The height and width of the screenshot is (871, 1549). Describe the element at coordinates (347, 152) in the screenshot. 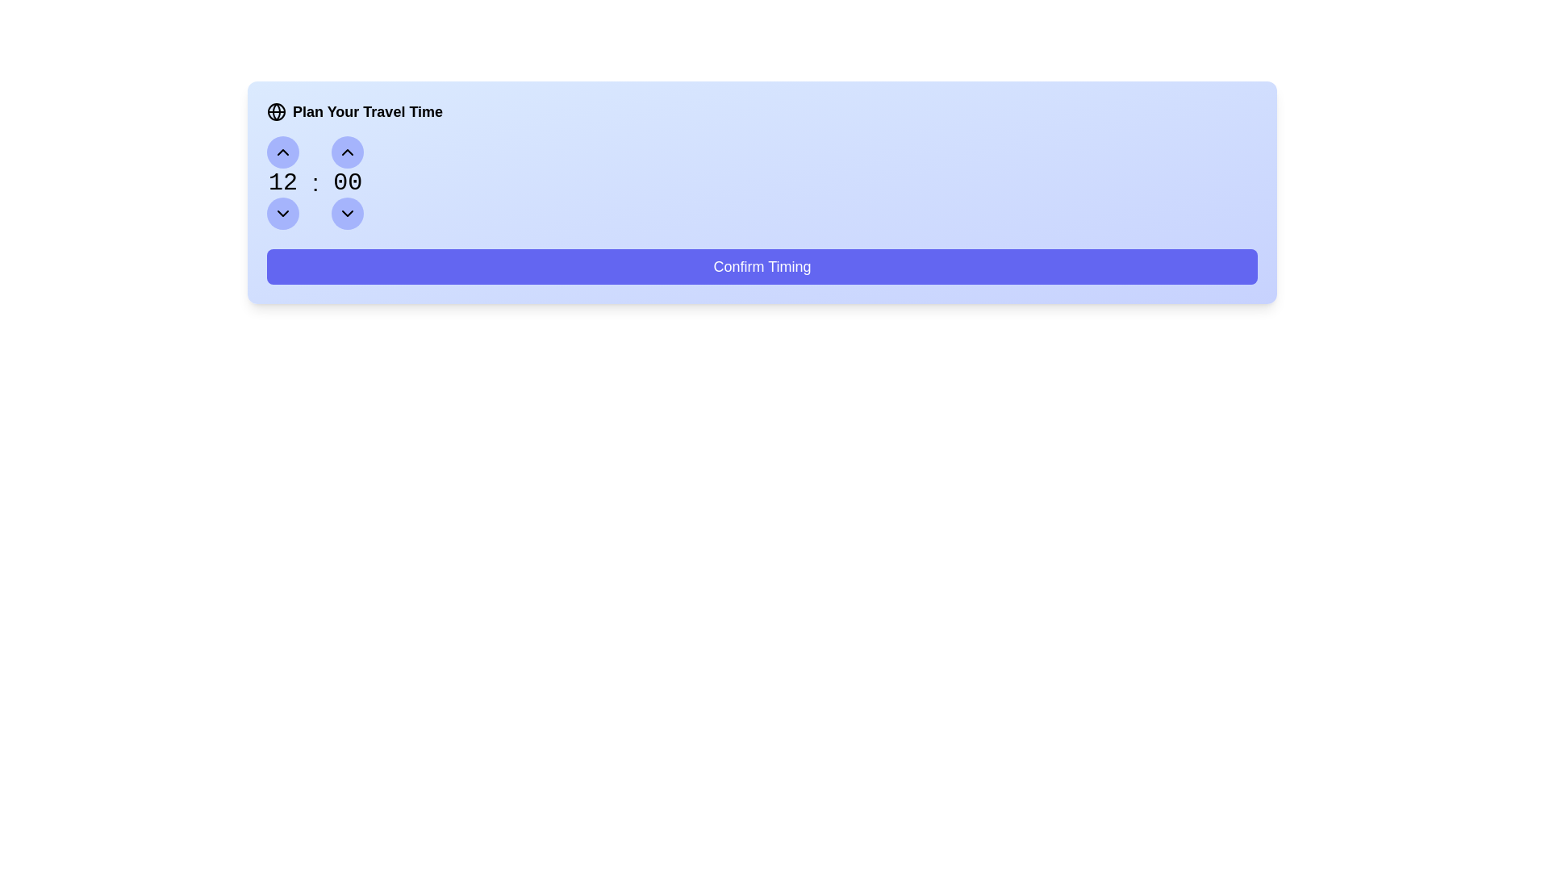

I see `the button that increments the 'minutes' value in the time-setting interface, located in the top row above the 'minutes' display` at that location.